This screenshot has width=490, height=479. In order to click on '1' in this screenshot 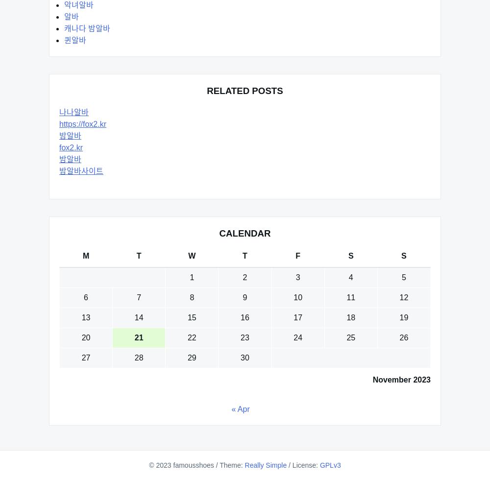, I will do `click(192, 277)`.